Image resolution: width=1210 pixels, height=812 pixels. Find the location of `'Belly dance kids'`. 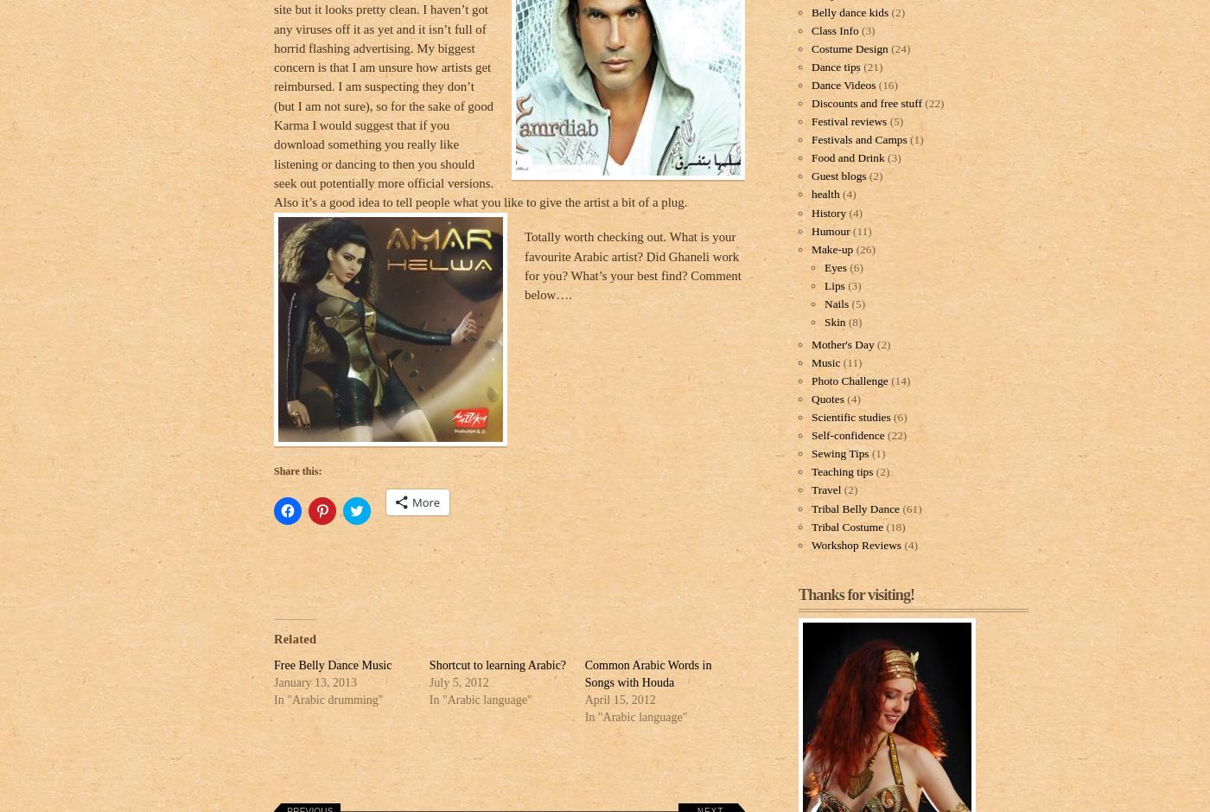

'Belly dance kids' is located at coordinates (850, 11).